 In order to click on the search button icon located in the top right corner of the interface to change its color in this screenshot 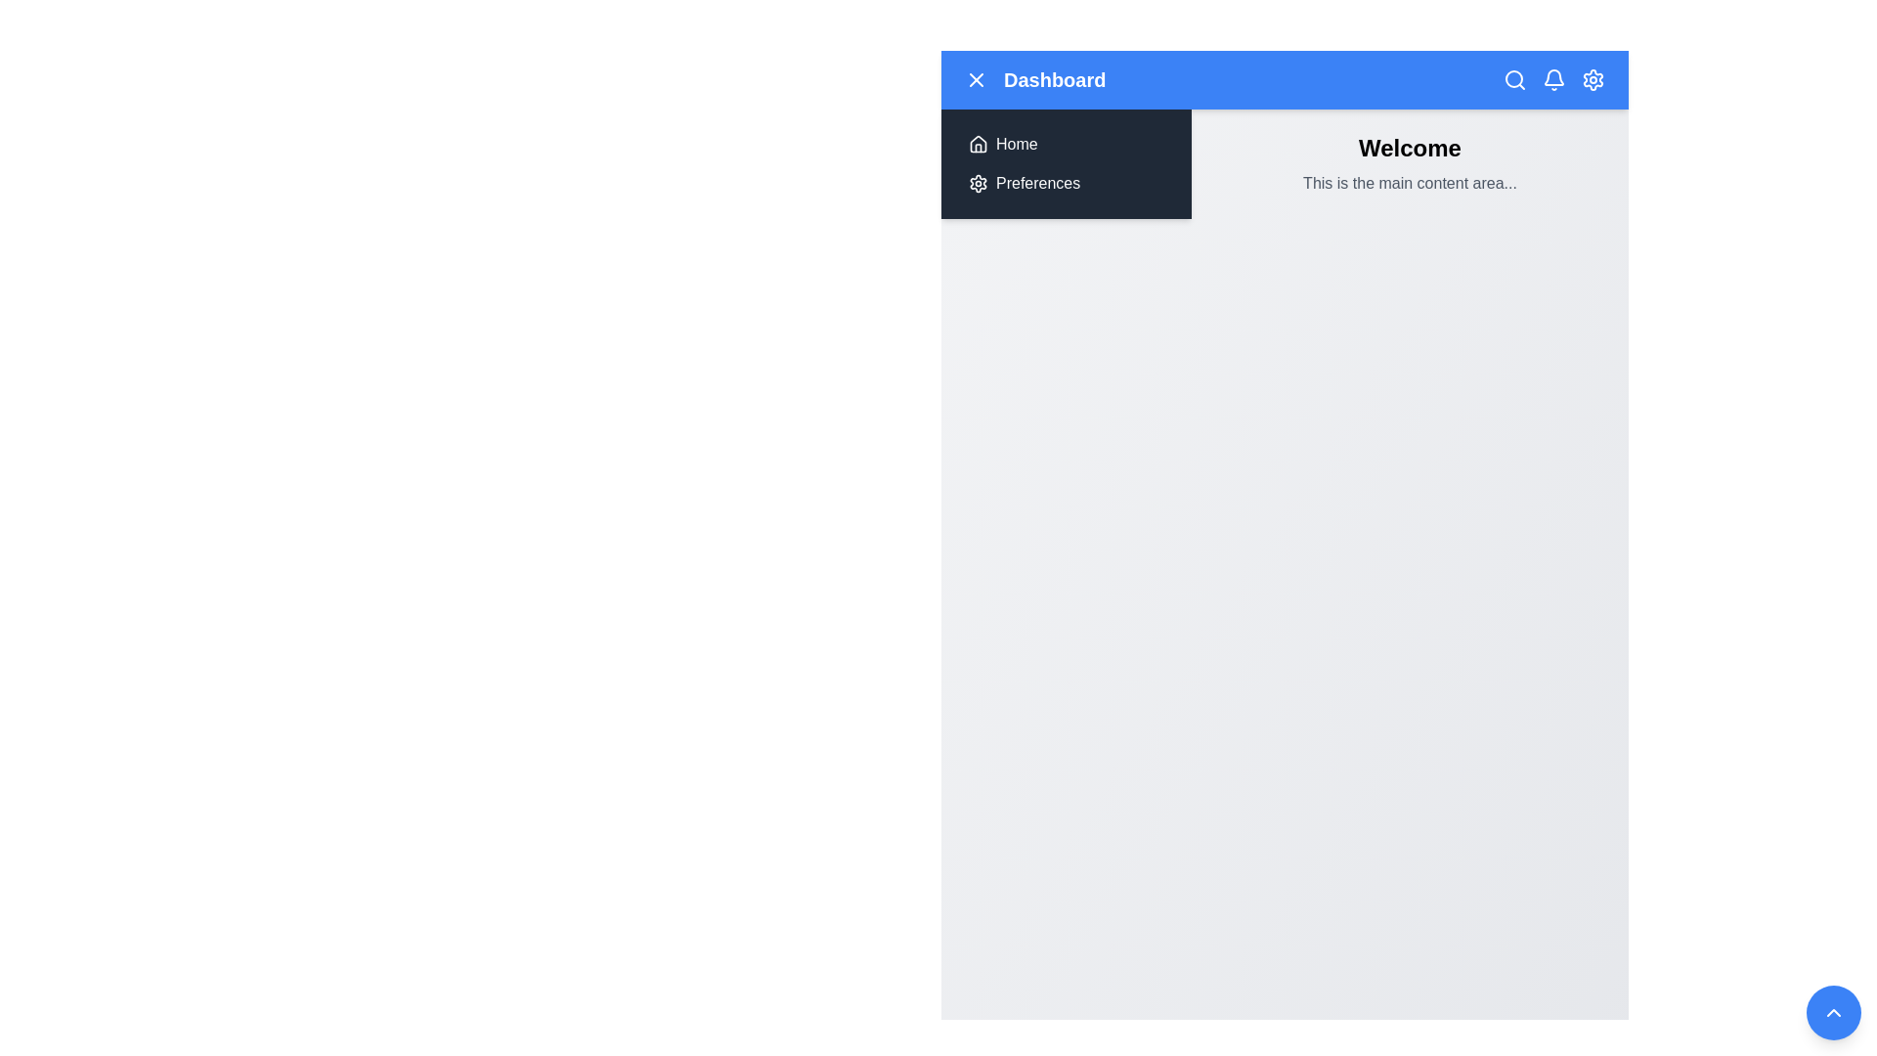, I will do `click(1514, 78)`.